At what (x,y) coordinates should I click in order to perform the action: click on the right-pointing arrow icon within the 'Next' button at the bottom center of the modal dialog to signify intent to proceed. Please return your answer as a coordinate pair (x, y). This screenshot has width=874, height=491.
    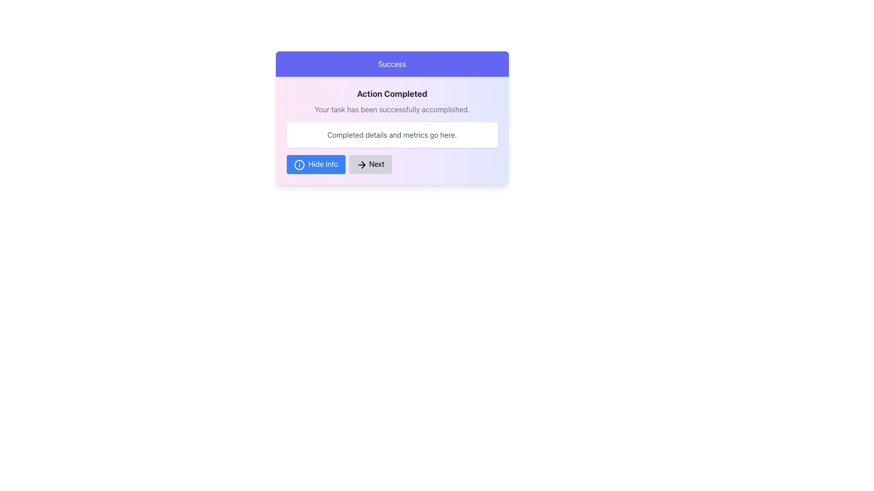
    Looking at the image, I should click on (361, 165).